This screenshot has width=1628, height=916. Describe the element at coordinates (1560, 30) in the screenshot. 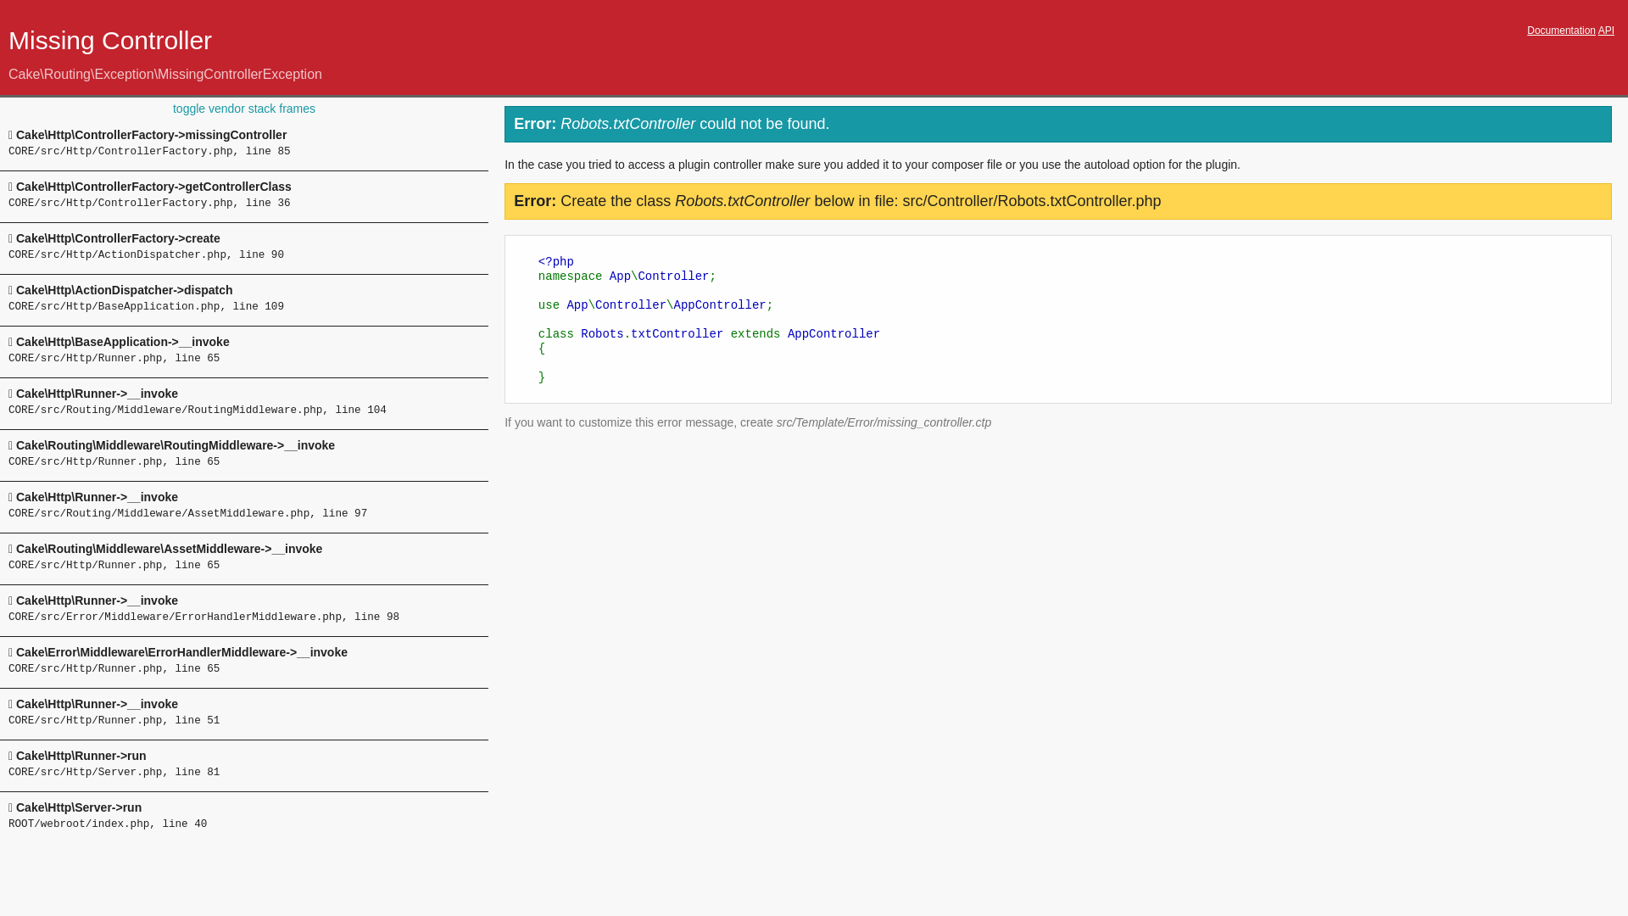

I see `'Documentation'` at that location.